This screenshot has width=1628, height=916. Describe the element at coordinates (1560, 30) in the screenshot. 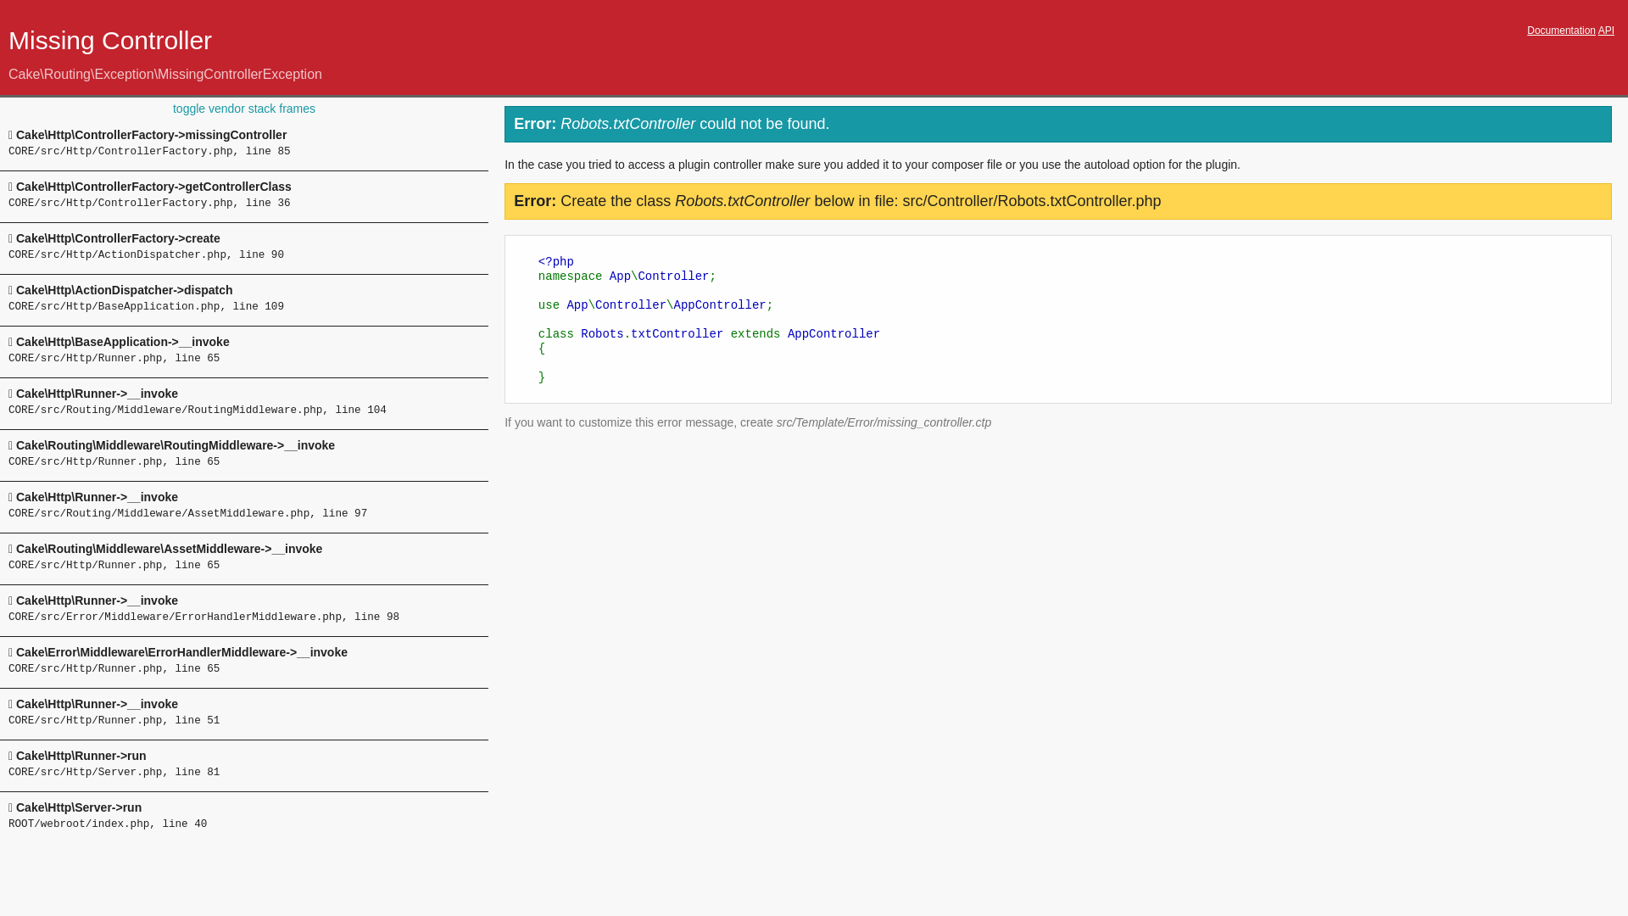

I see `'Documentation'` at that location.